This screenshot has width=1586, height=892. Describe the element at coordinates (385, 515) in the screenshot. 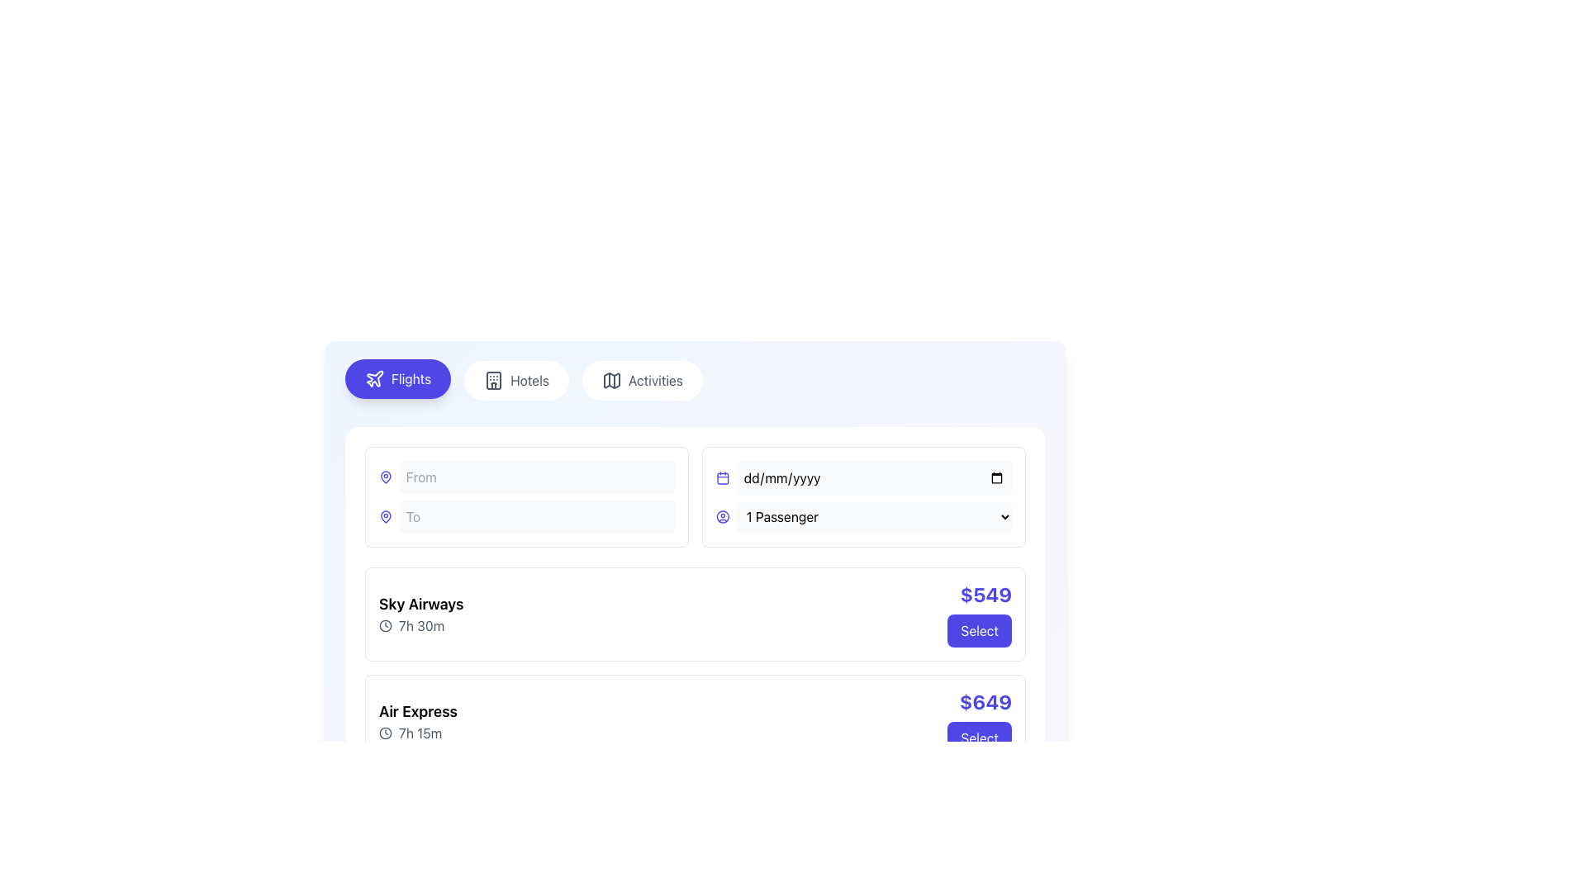

I see `the location pin icon, which is a blue vector representation located to the left of the 'From' input field in the search section of the UI` at that location.